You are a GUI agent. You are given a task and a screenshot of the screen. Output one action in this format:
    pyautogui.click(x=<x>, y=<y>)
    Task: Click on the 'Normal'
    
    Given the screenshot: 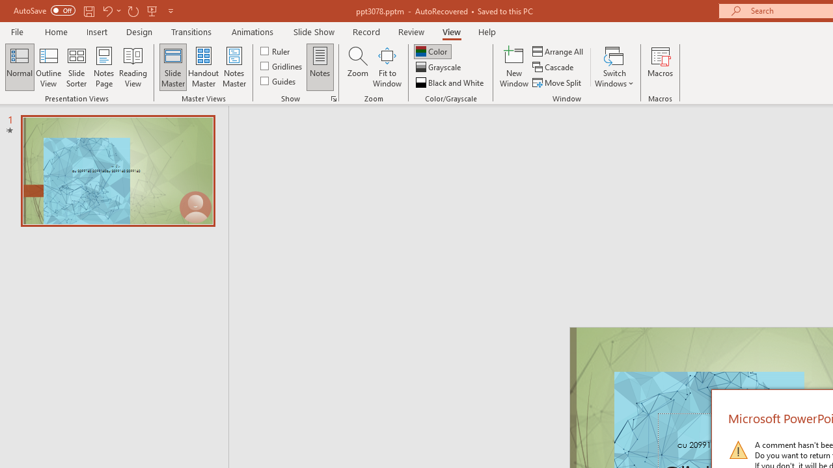 What is the action you would take?
    pyautogui.click(x=20, y=67)
    